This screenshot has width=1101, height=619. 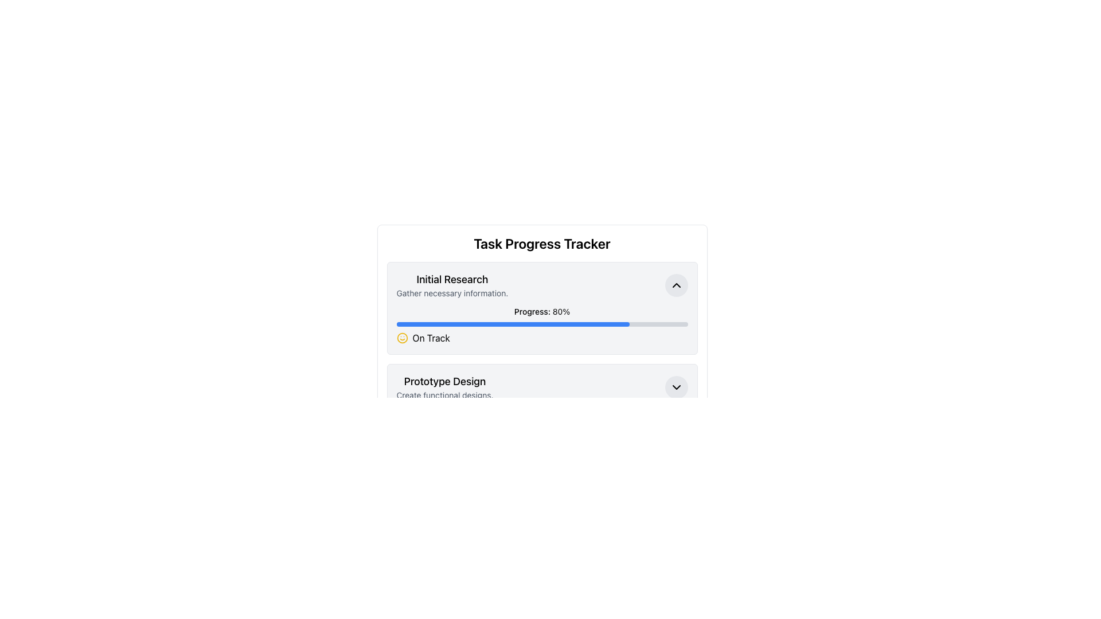 I want to click on and interpret the 'On Track' text label located in the task progress section for 'Initial Research', positioned to the right of a yellow smiling face icon, so click(x=431, y=338).